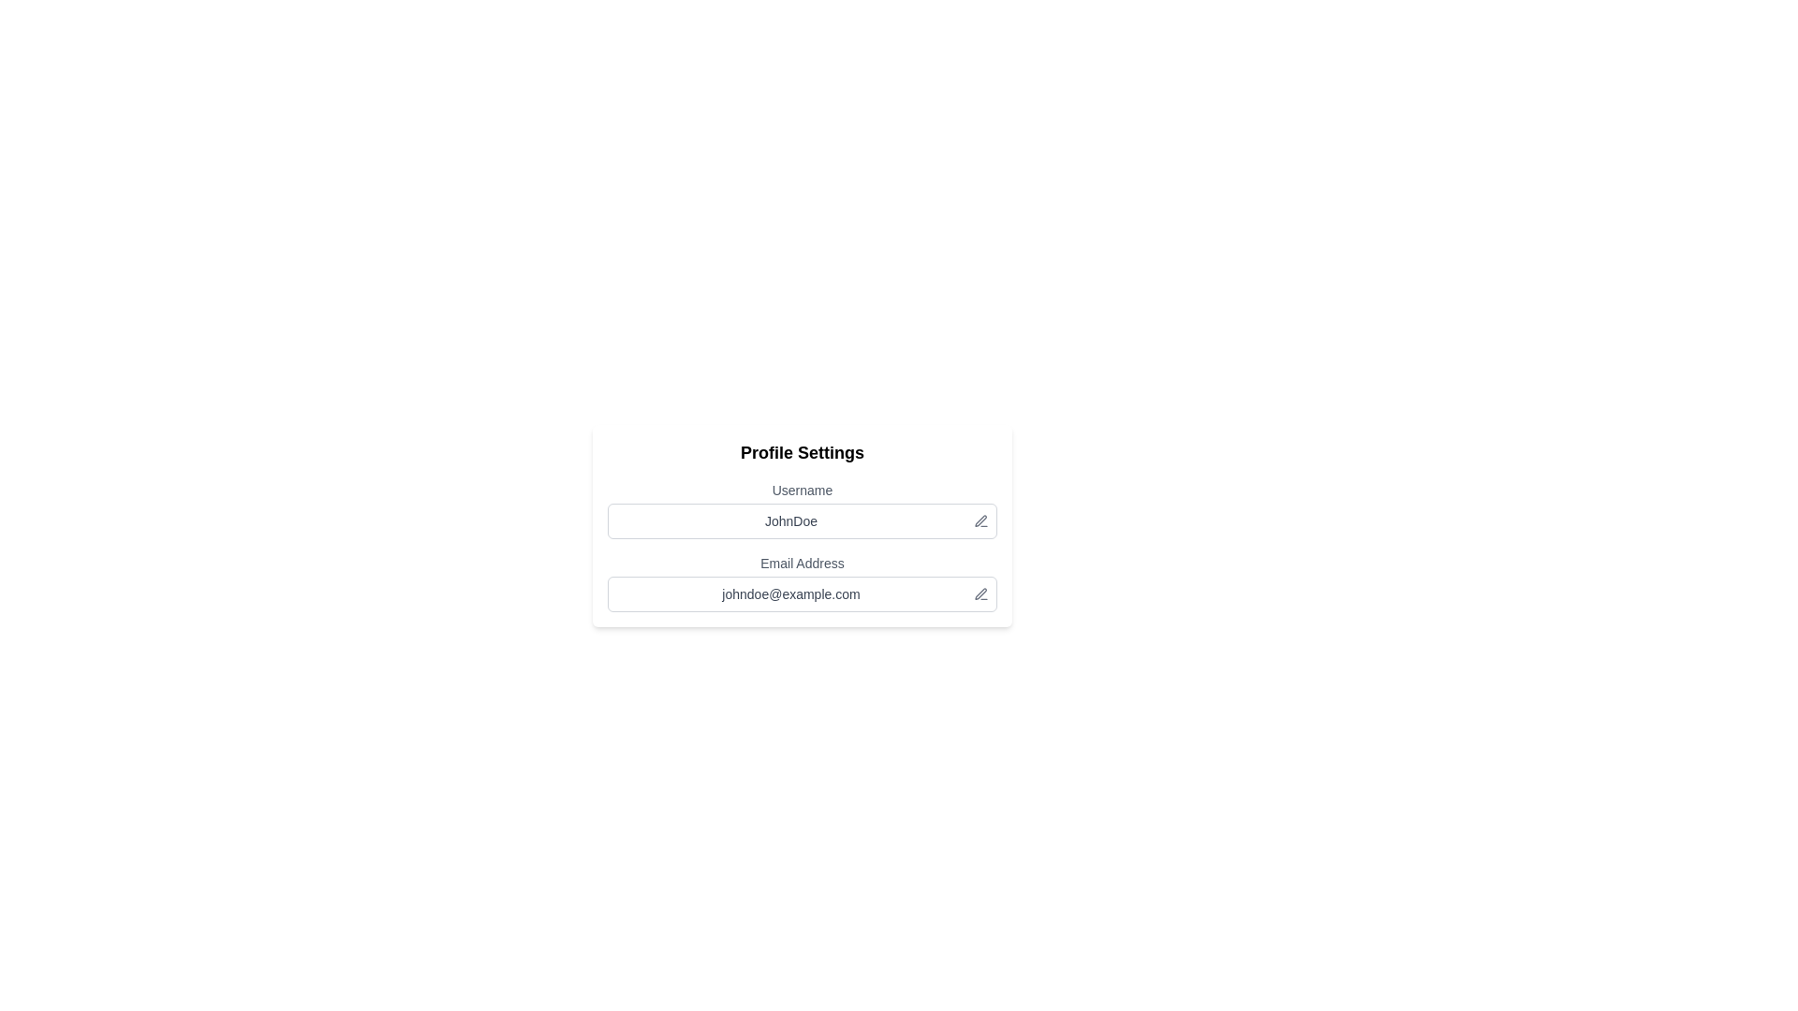 Image resolution: width=1798 pixels, height=1011 pixels. I want to click on the static text label displaying the email address, which is located below the 'Email Address' label in a bordered section with rounded corners, so click(790, 594).